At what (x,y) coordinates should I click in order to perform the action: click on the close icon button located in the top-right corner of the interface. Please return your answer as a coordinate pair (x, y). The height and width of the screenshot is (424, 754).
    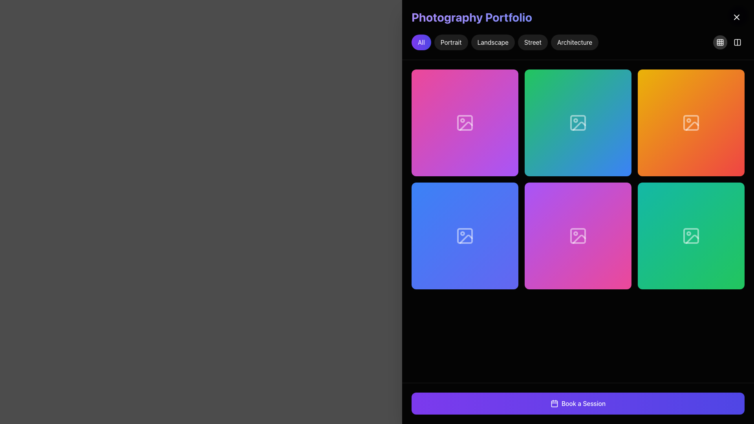
    Looking at the image, I should click on (736, 17).